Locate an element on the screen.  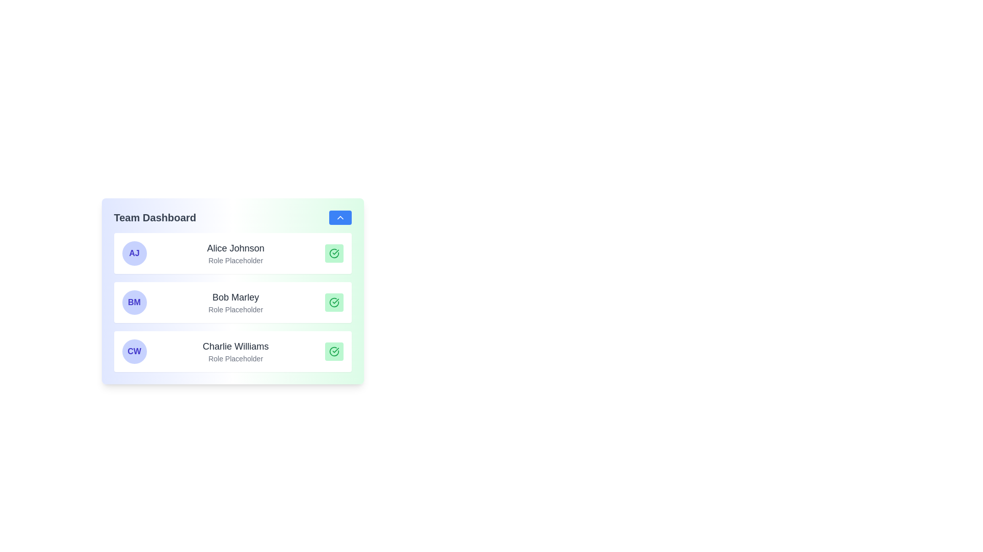
text content of the label associated with 'Bob Marley', located in the second row of a three-row list, aligned left is located at coordinates (235, 309).